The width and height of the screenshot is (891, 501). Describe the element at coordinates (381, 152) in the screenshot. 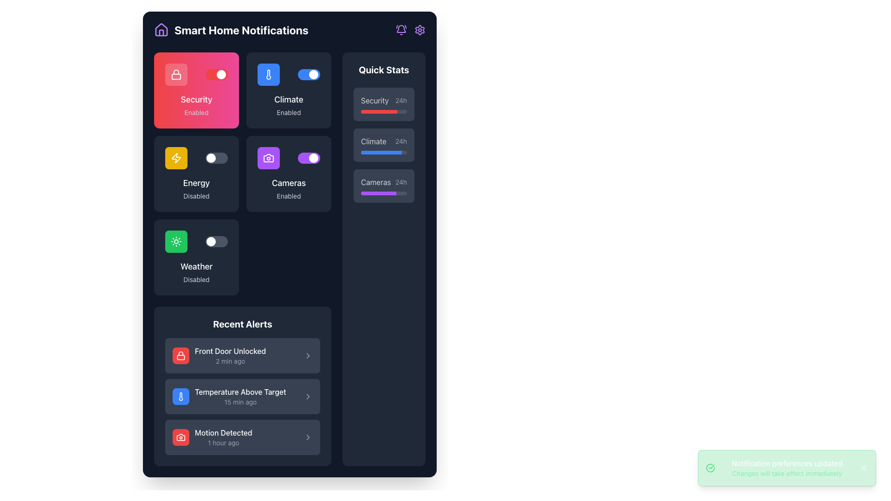

I see `the blue fill of the progress bar indicating 'Climate' stats completion, located in the middle of 'Quick Stats' on the right side of the interface` at that location.